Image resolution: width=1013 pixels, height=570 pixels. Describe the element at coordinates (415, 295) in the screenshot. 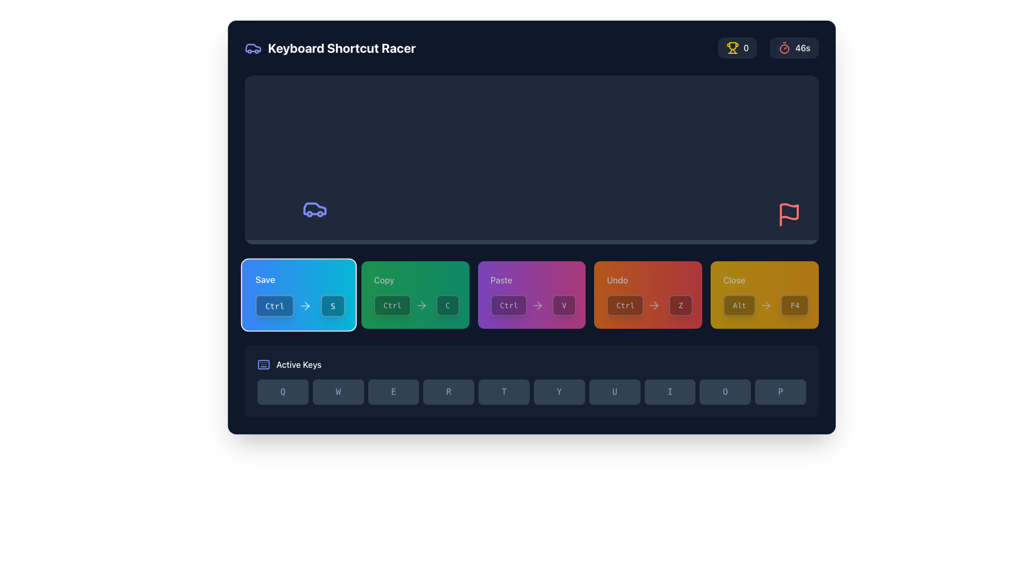

I see `the informational card displaying the 'Copy' shortcut, which is the second card in a horizontal row of shortcut cards, located between the 'Save' card and the 'Paste' card` at that location.